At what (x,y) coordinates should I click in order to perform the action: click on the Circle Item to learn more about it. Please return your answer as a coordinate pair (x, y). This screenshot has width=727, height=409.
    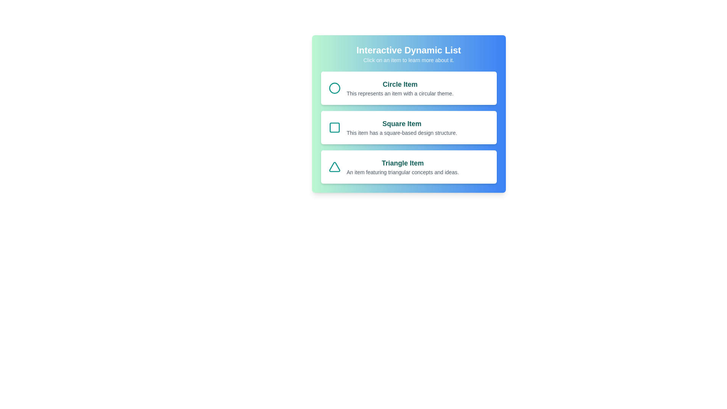
    Looking at the image, I should click on (408, 87).